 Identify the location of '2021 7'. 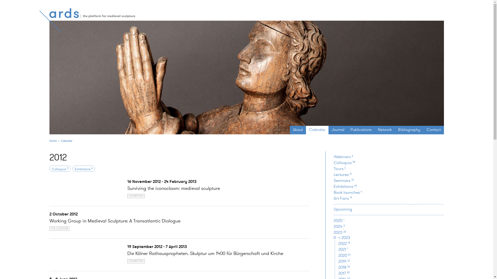
(343, 249).